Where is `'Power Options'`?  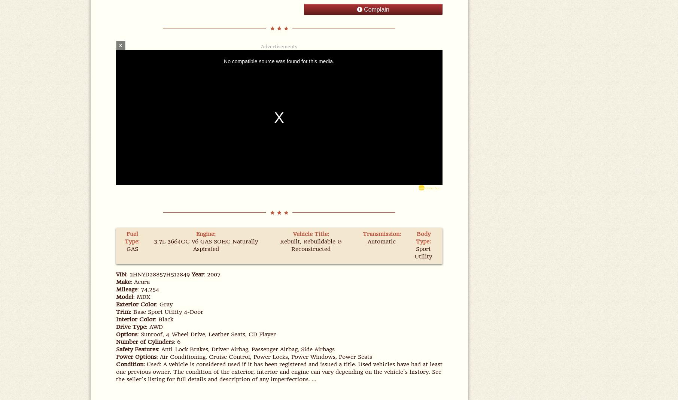 'Power Options' is located at coordinates (135, 357).